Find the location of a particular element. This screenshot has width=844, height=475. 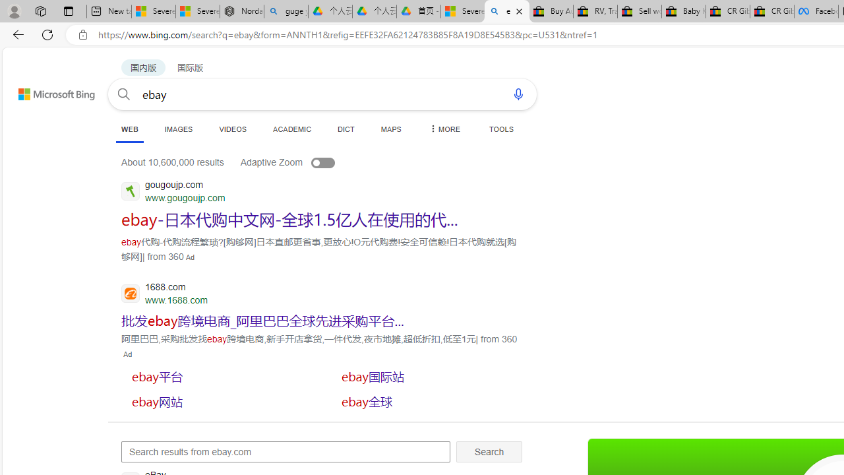

'MAPS' is located at coordinates (390, 129).